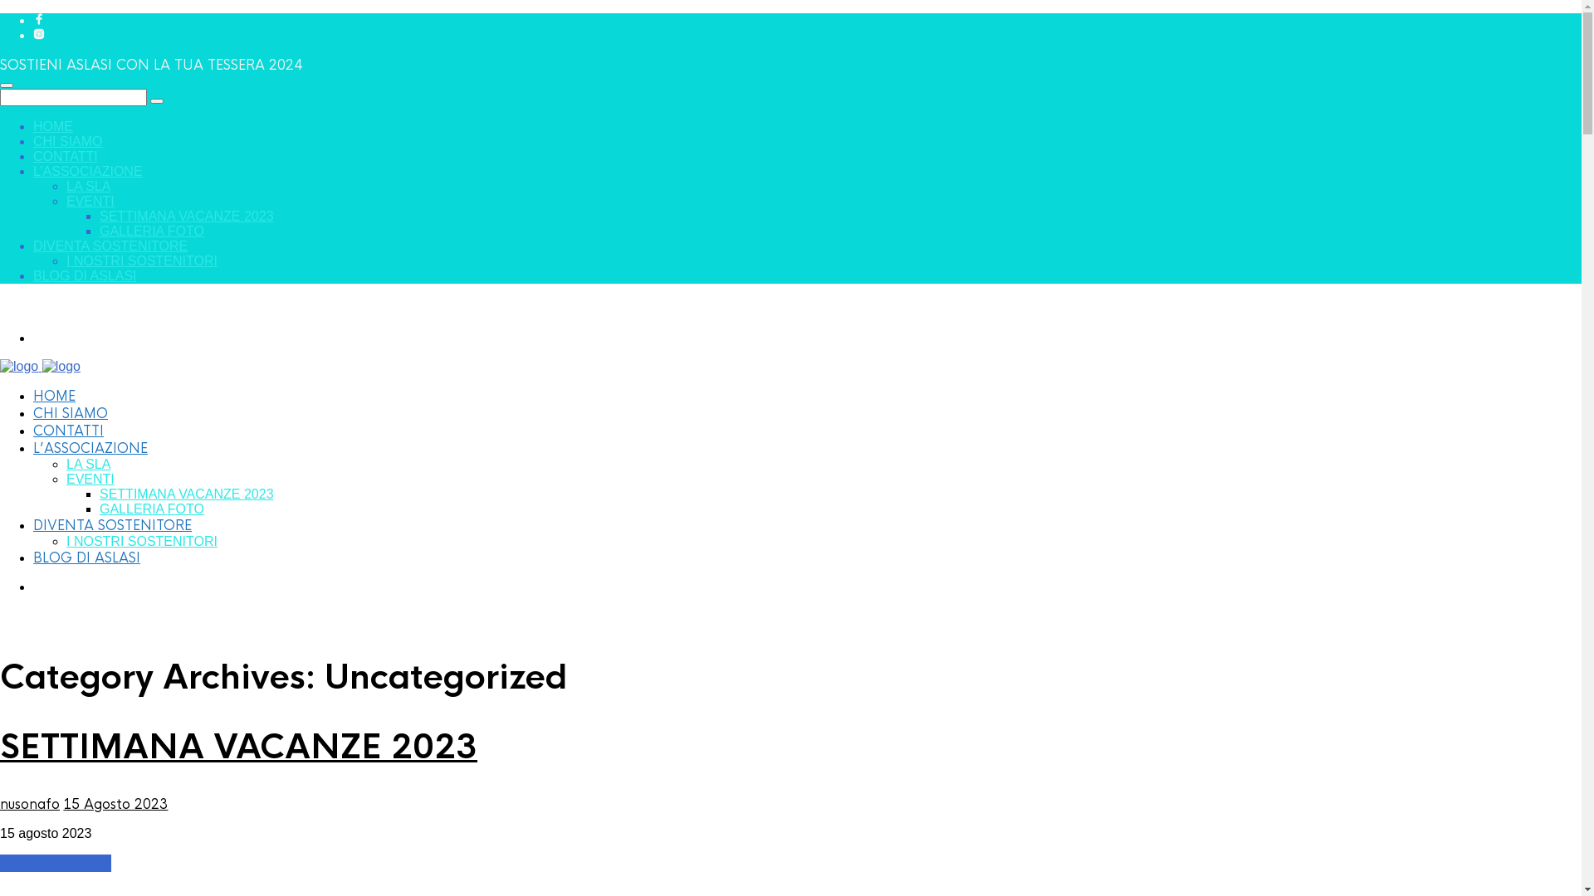 The image size is (1594, 896). What do you see at coordinates (32, 412) in the screenshot?
I see `'CHI SIAMO'` at bounding box center [32, 412].